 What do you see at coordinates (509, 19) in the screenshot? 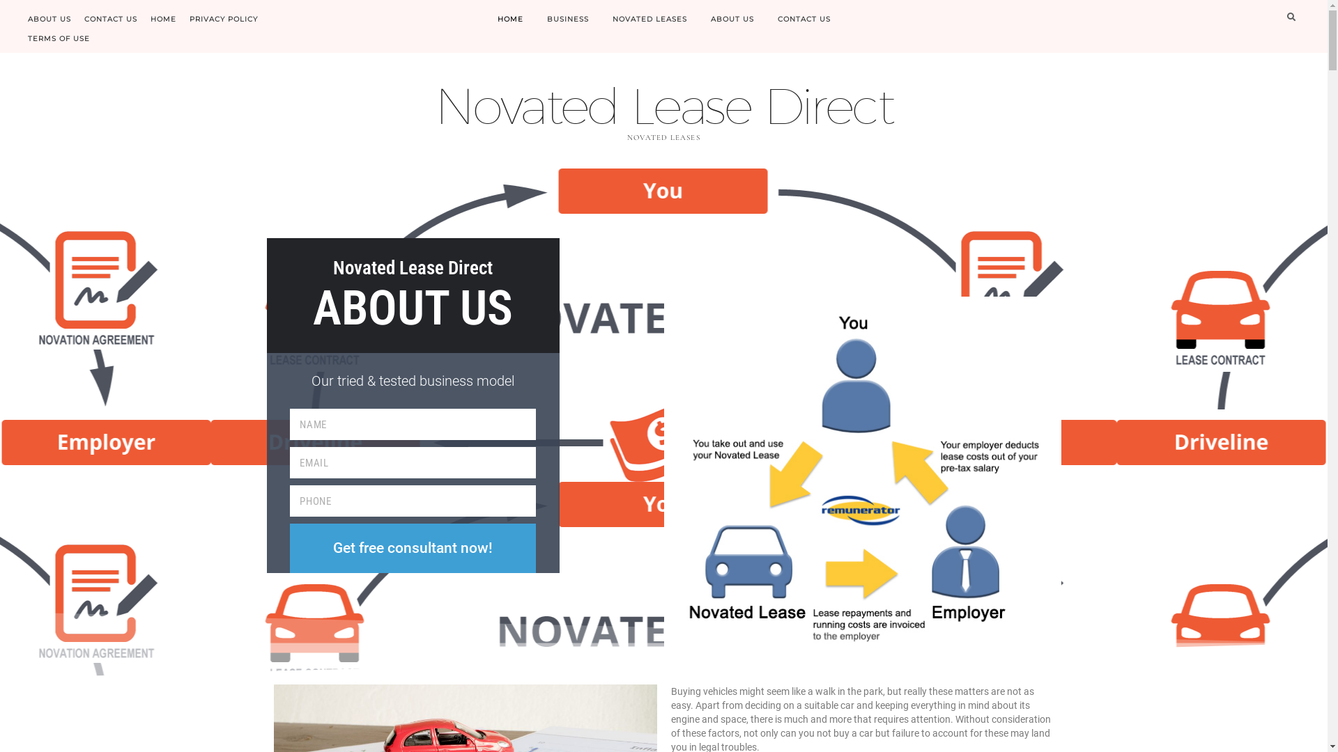
I see `'HOME'` at bounding box center [509, 19].